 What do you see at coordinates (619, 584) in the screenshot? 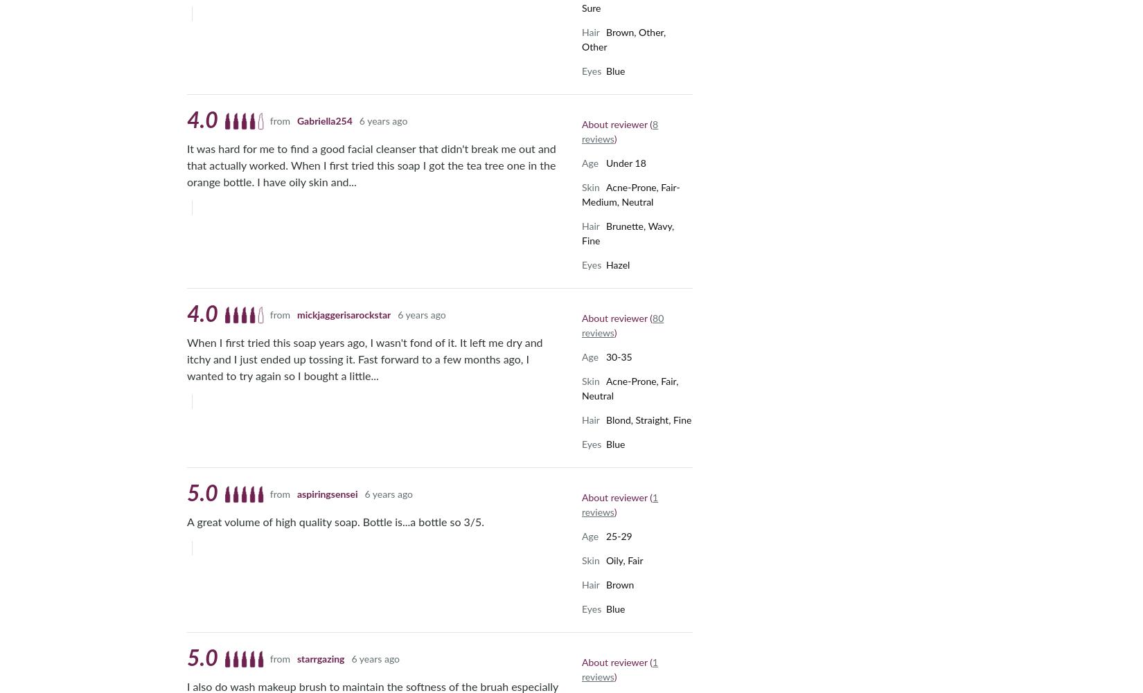
I see `'Brown'` at bounding box center [619, 584].